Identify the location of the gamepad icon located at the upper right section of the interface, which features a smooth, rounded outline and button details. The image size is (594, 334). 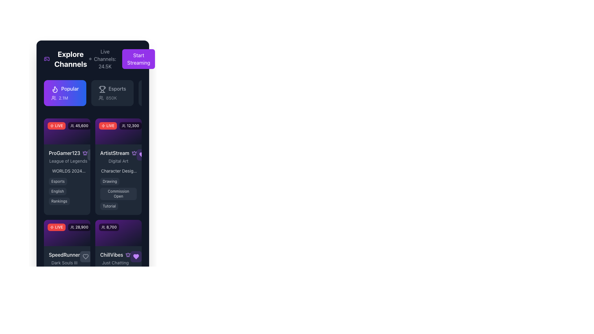
(46, 59).